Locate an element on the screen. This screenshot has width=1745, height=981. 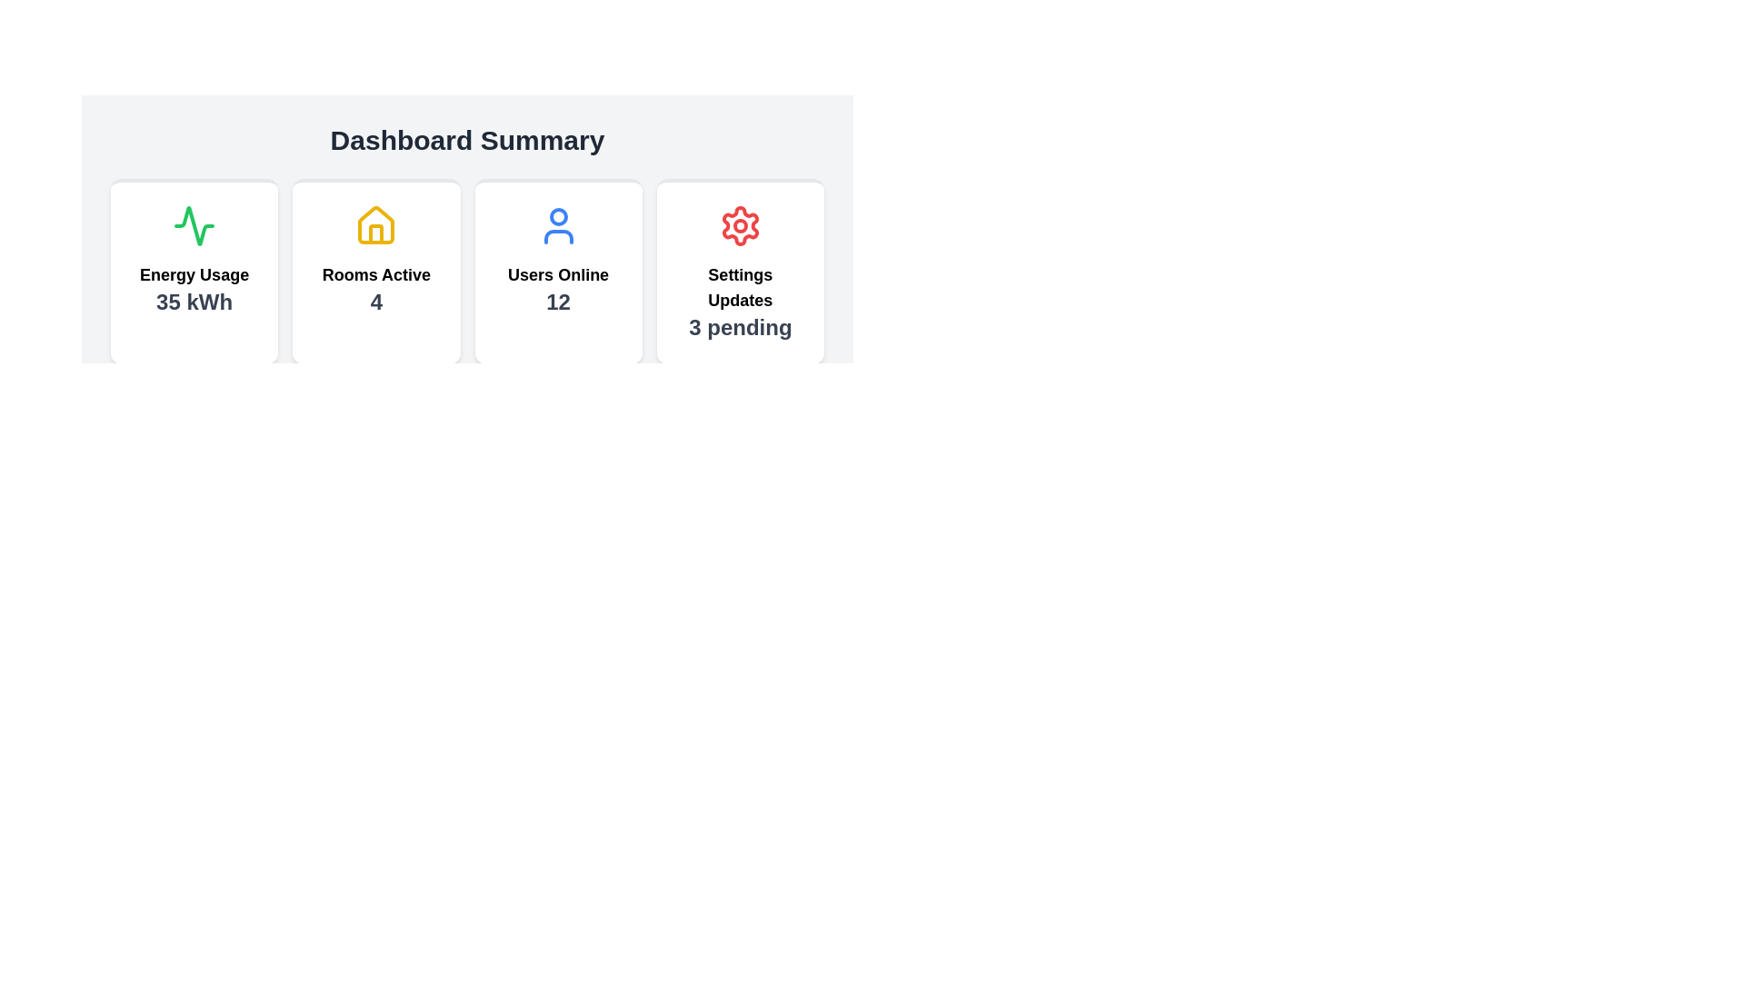
bold number '4' displayed in dark gray beneath the 'Rooms Active' text within the second card of the dashboard layout is located at coordinates (375, 301).